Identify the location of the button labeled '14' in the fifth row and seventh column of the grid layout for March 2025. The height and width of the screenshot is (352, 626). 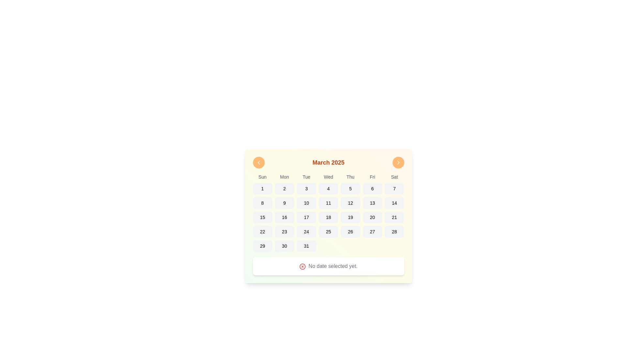
(394, 203).